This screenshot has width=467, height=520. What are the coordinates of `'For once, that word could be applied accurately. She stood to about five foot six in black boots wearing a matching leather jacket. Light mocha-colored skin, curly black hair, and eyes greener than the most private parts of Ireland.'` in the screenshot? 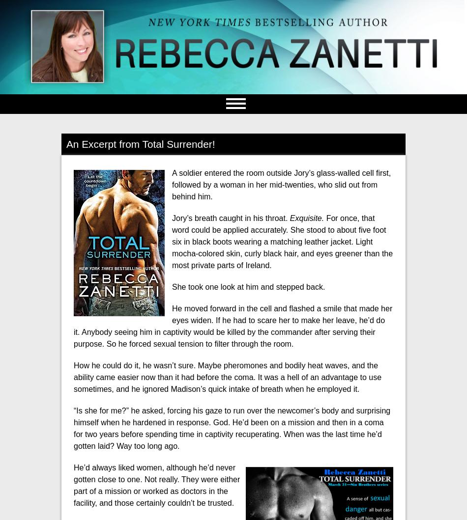 It's located at (282, 241).